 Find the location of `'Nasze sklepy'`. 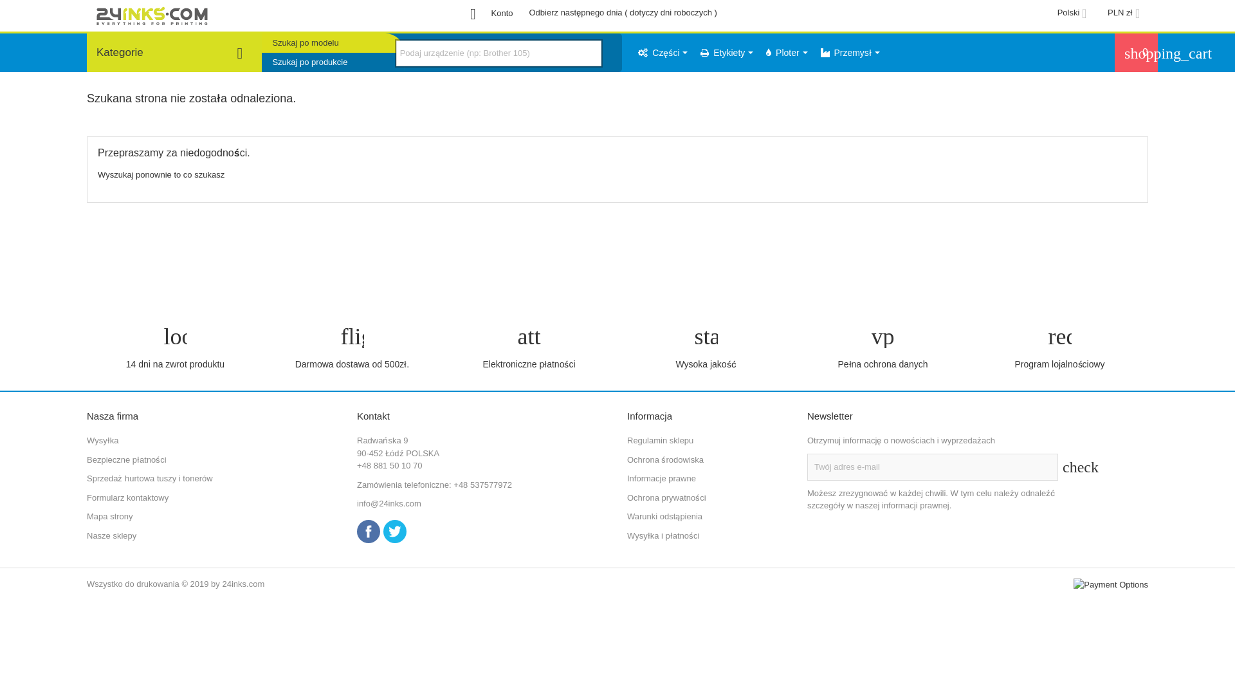

'Nasze sklepy' is located at coordinates (111, 535).